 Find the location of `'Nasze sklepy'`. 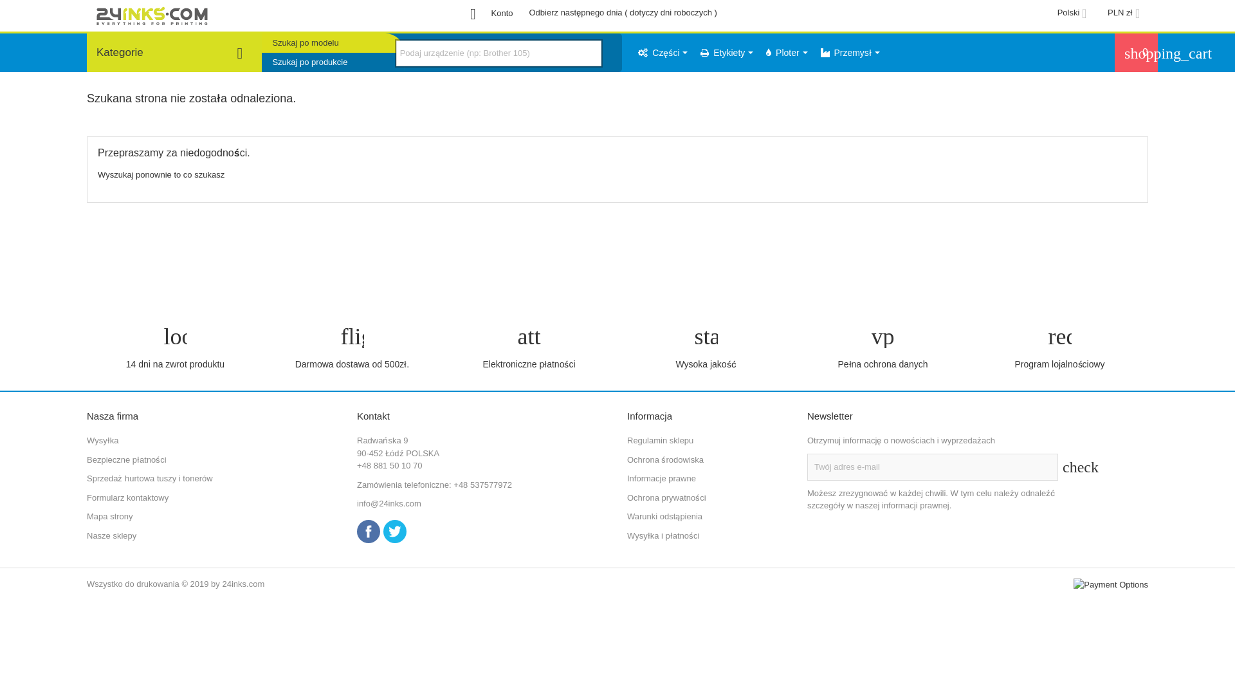

'Nasze sklepy' is located at coordinates (111, 535).